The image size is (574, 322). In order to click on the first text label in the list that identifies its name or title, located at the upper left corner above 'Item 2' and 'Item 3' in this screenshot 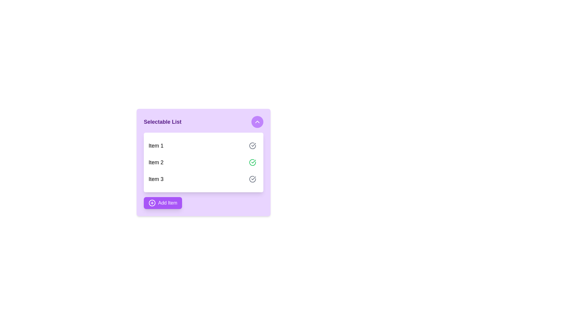, I will do `click(156, 146)`.